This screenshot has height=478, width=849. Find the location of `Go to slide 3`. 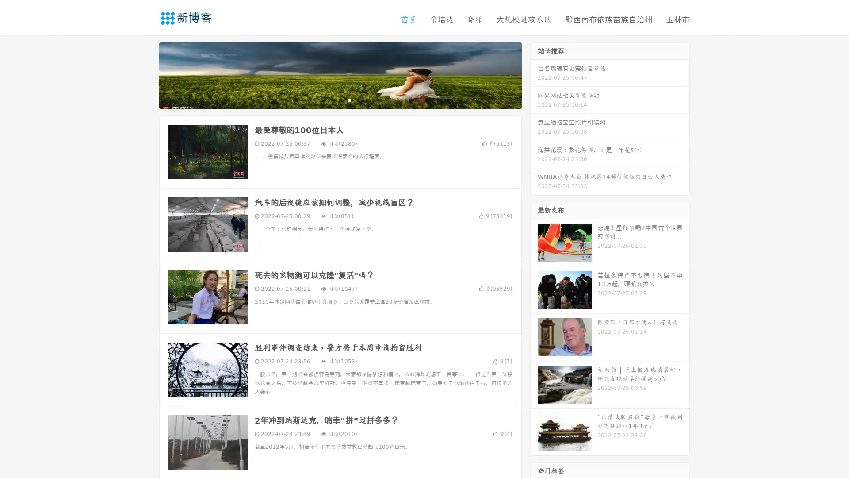

Go to slide 3 is located at coordinates (349, 100).